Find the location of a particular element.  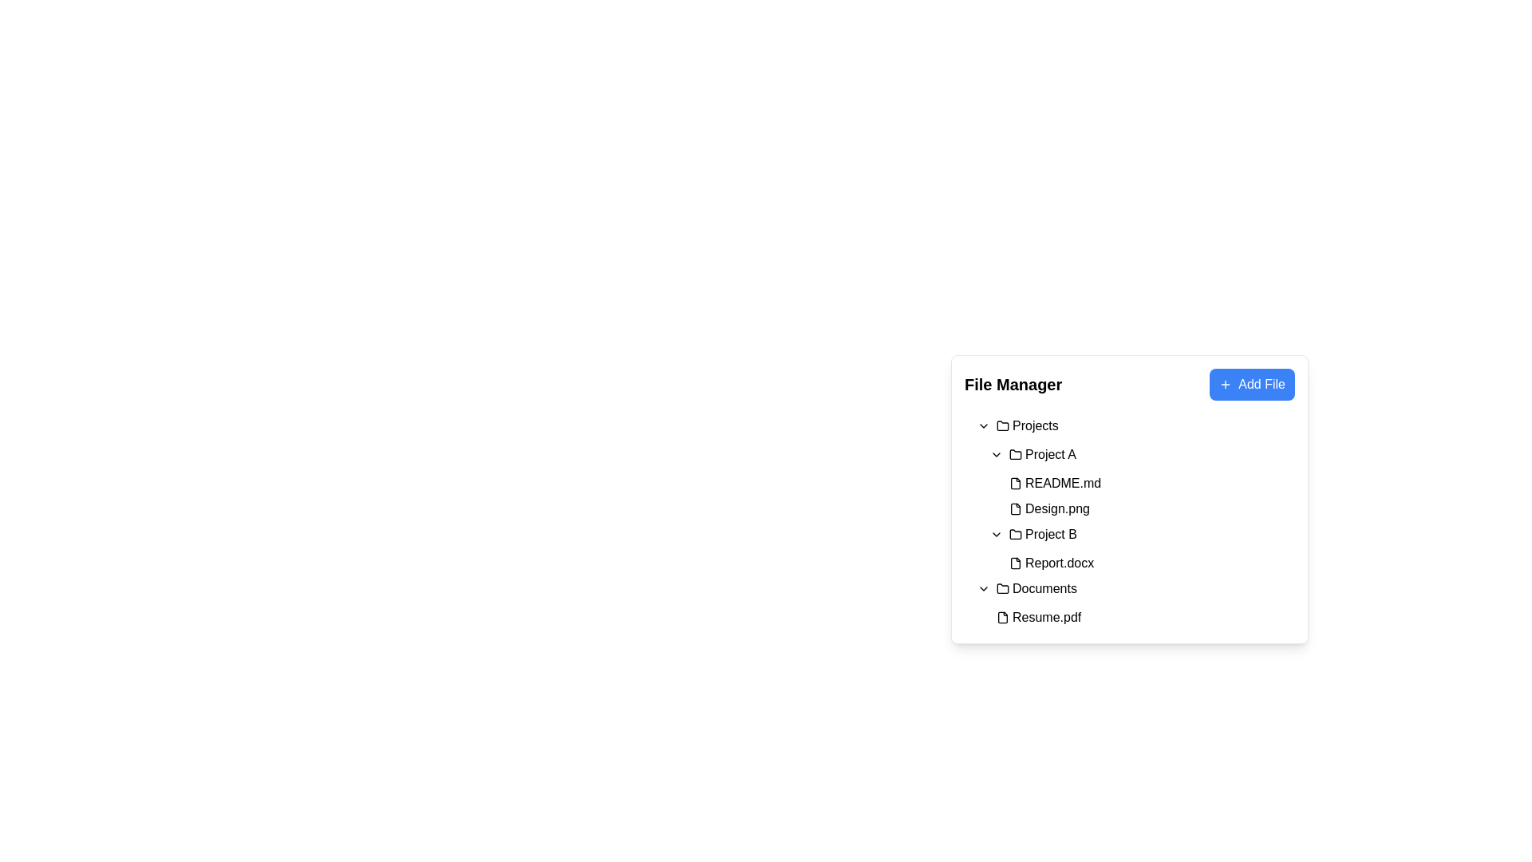

the text label for the file named 'Report.docx' located under the folder 'Project B' is located at coordinates (1060, 562).